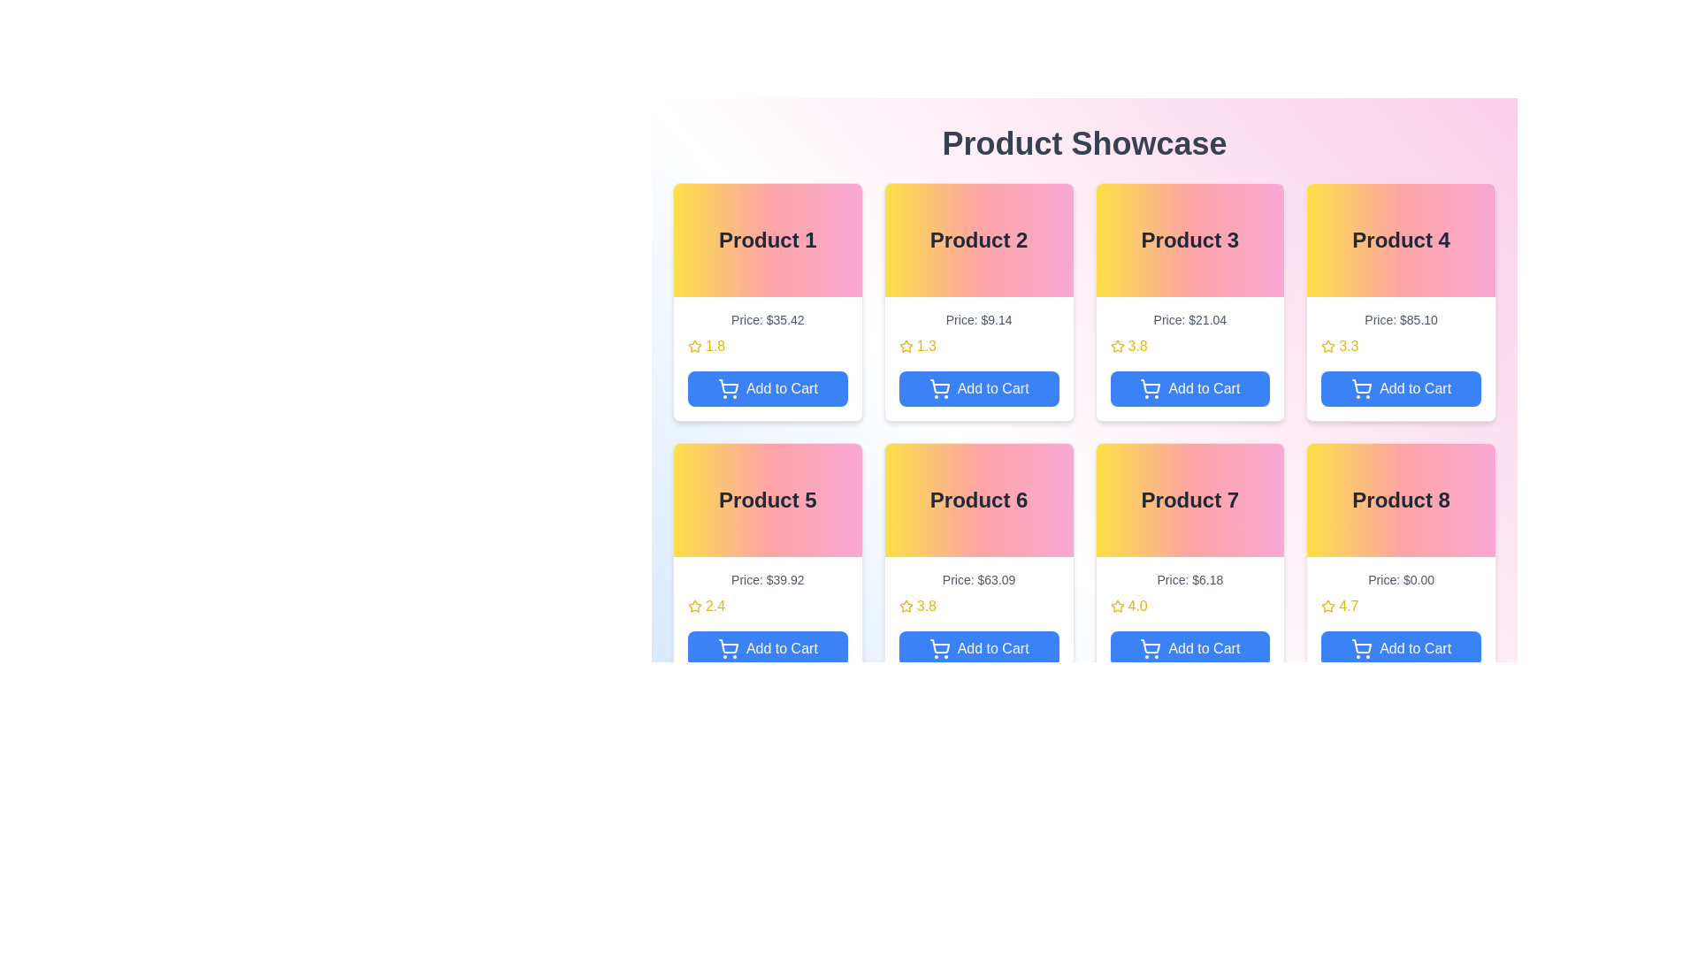  Describe the element at coordinates (1400, 320) in the screenshot. I see `the text label displaying 'Price: $85.10' located in the fourth product card, above the rating section` at that location.